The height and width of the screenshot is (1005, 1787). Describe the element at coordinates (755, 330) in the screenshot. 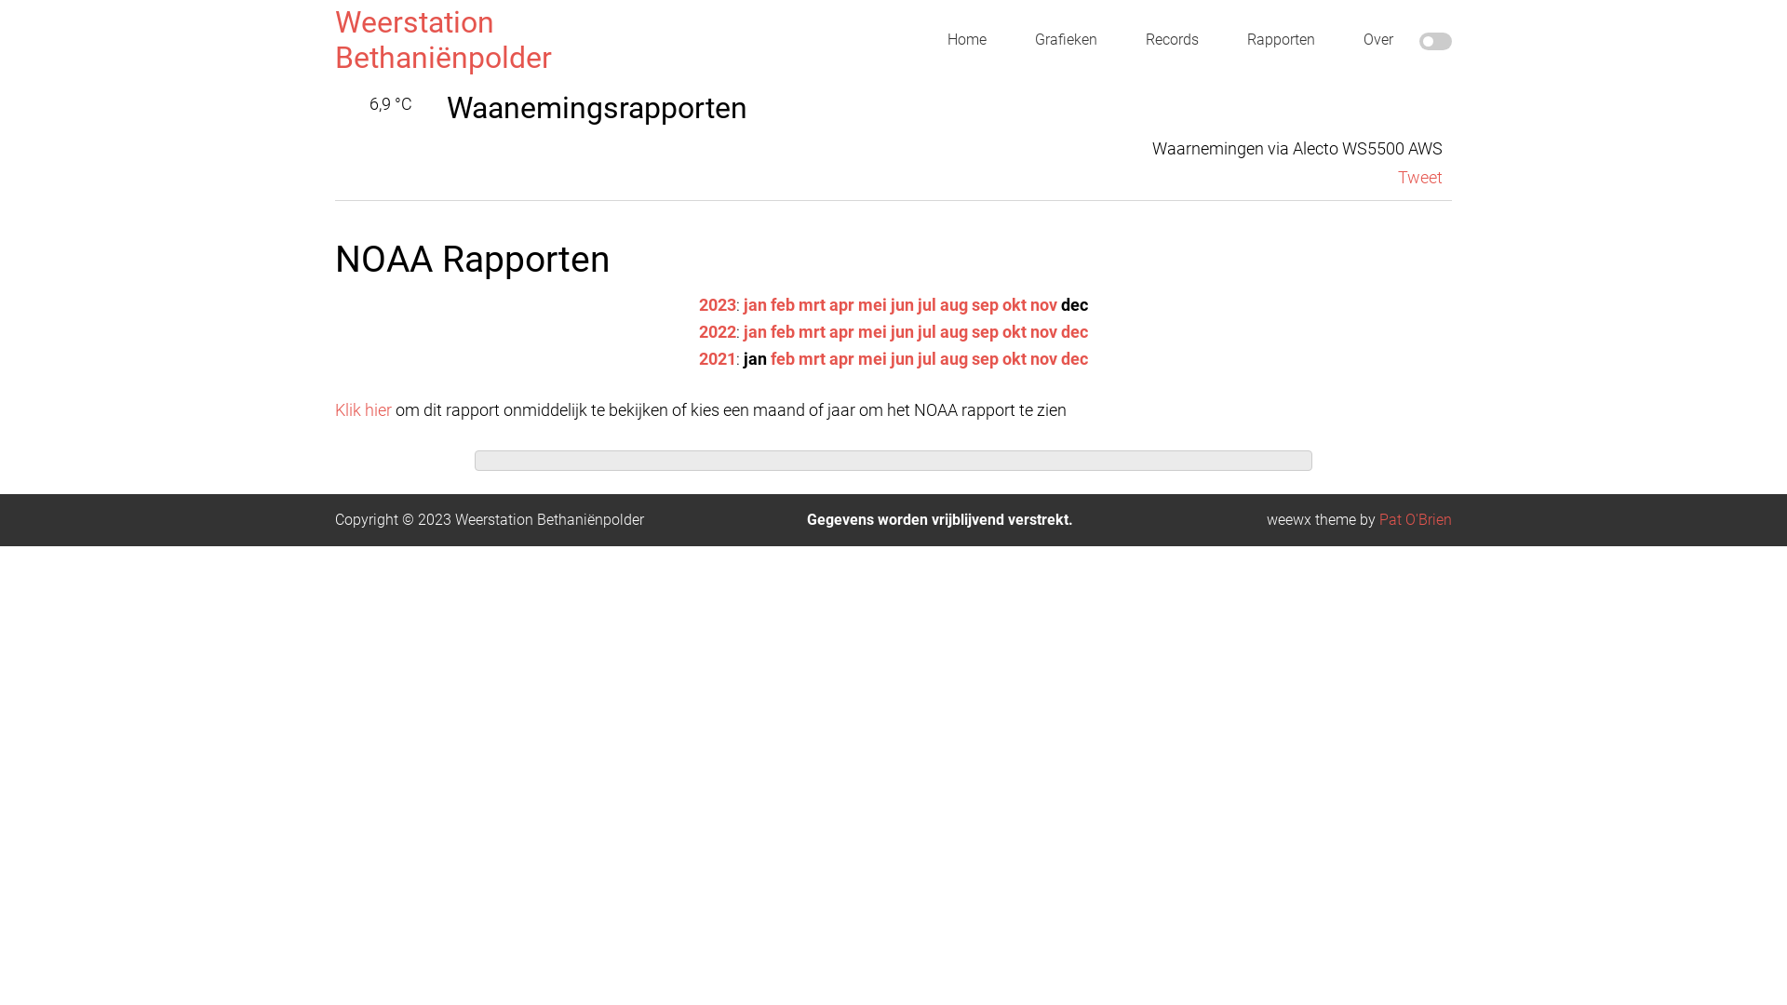

I see `'jan'` at that location.